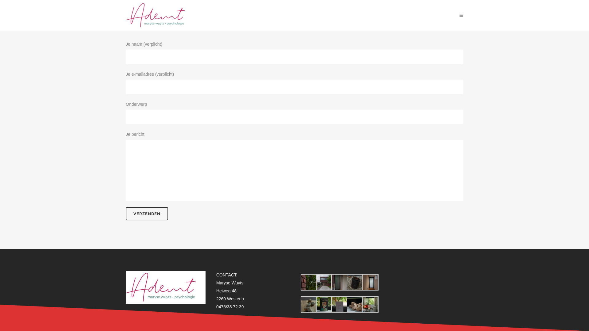 This screenshot has width=589, height=331. Describe the element at coordinates (147, 213) in the screenshot. I see `'Verzenden'` at that location.